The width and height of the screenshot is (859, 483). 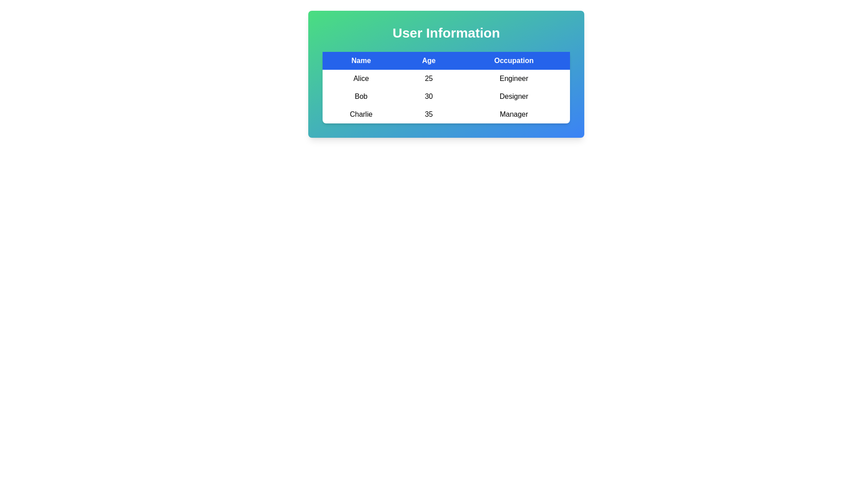 What do you see at coordinates (514, 97) in the screenshot?
I see `the text label displaying 'Designer' in black text, which is located in the 'Occupation' column of the second row in the table under 'User Information'` at bounding box center [514, 97].